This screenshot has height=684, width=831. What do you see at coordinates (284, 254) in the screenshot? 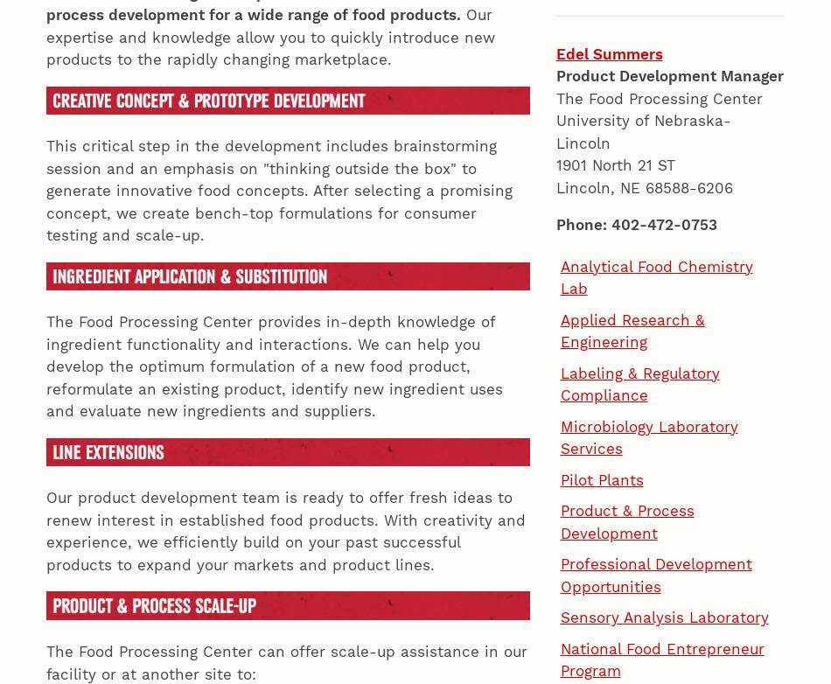
I see `'Our product development team is ready to offer fresh ideas to renew interest in established food products. With creativity and experience, we efficiently build on your past successful products to expand your markets and product lines.'` at bounding box center [284, 254].